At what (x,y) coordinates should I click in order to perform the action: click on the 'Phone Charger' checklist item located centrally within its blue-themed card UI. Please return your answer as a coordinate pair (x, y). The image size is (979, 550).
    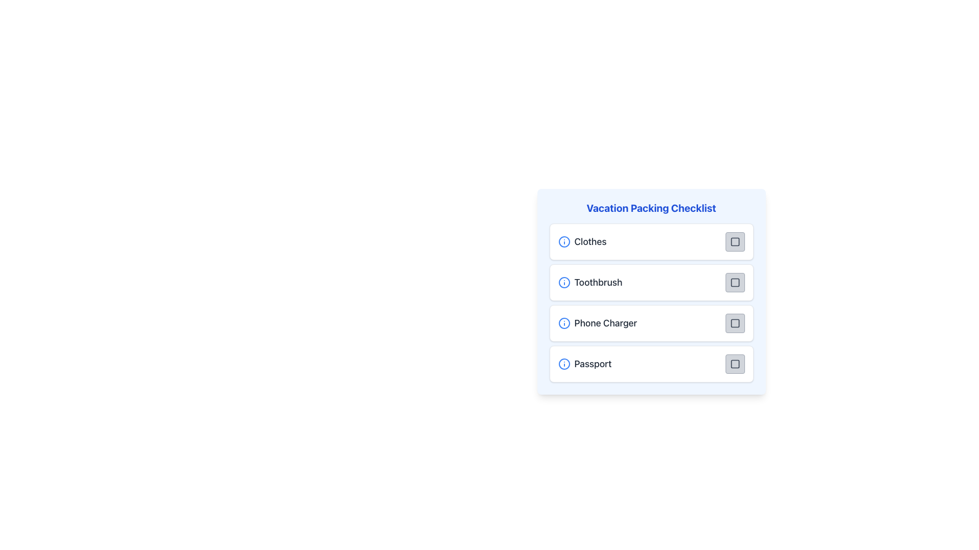
    Looking at the image, I should click on (651, 306).